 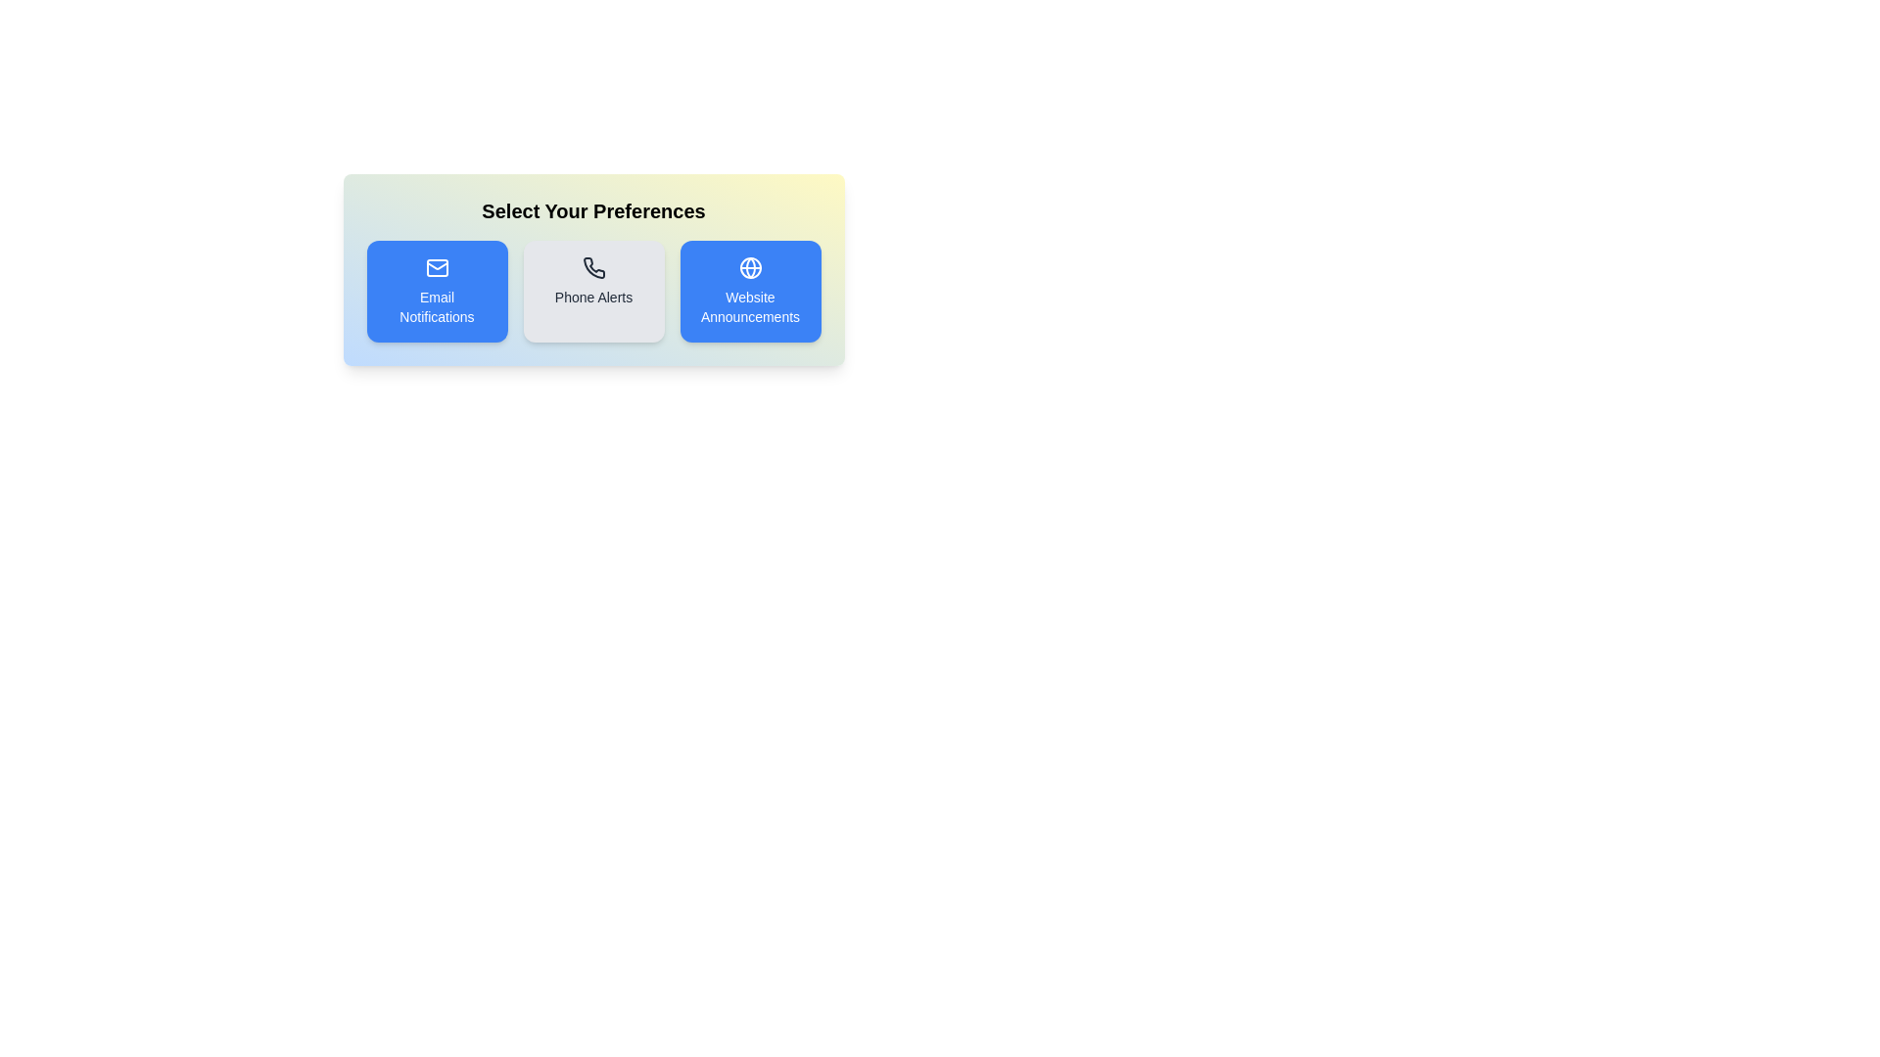 I want to click on the 'Phone Alerts' option to toggle its selection status, so click(x=592, y=291).